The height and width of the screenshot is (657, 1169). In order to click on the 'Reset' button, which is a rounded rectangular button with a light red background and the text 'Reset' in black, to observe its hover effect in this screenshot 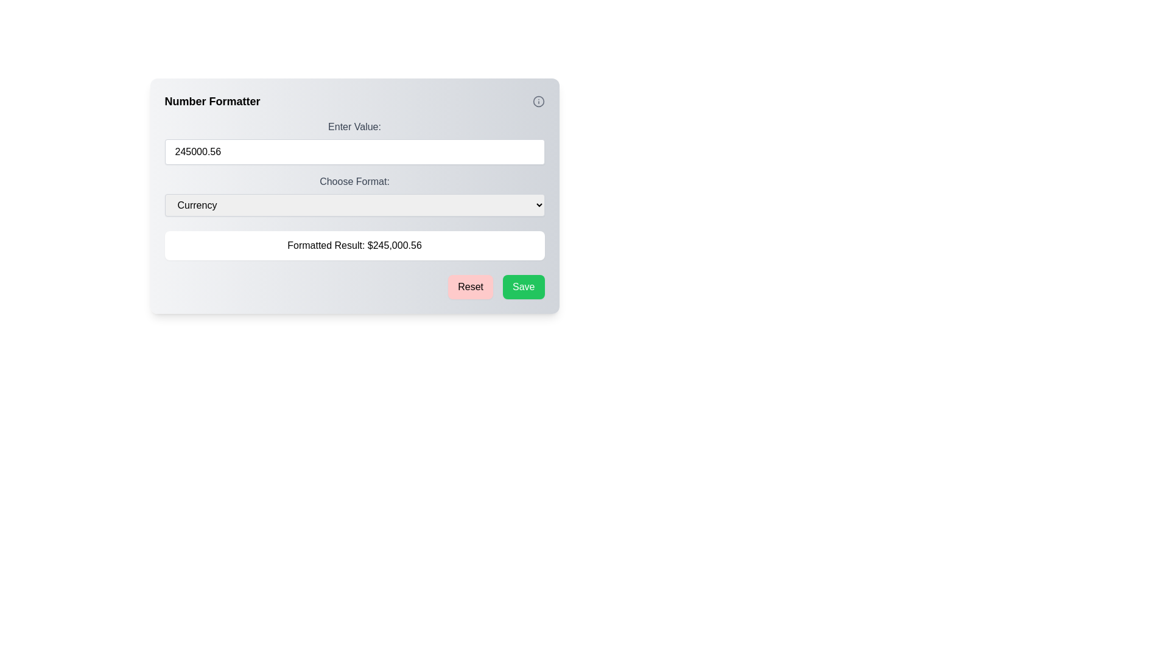, I will do `click(470, 287)`.